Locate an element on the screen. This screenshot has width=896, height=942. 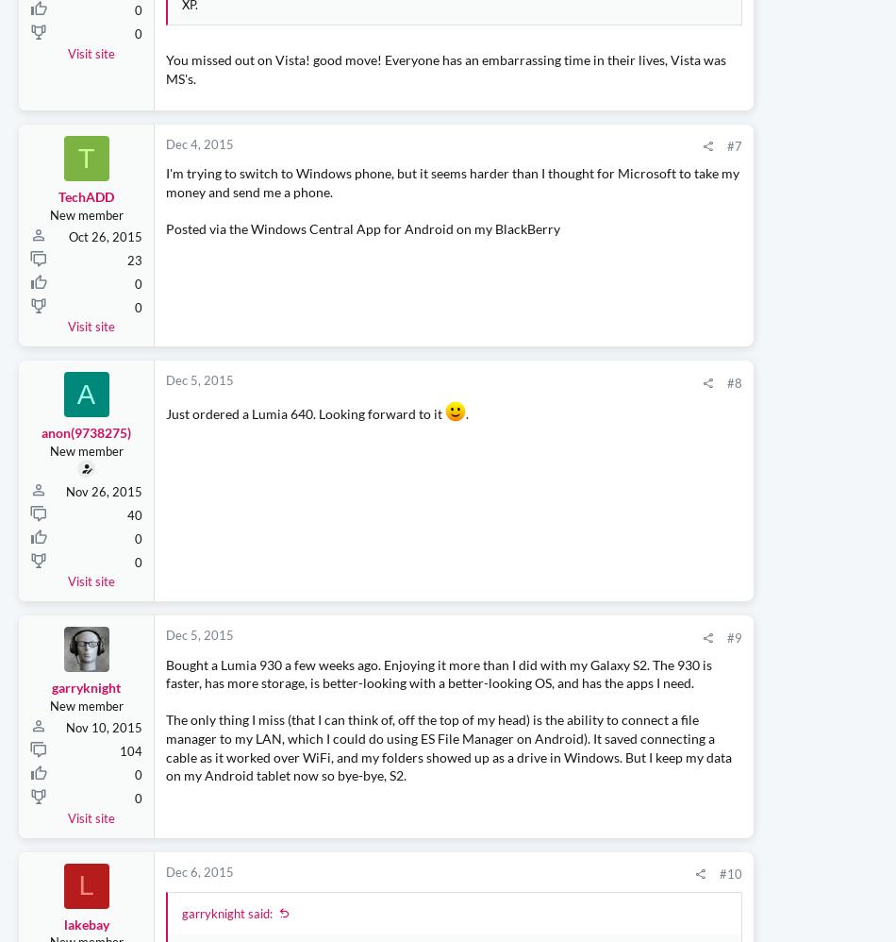
'Just ordered a Lumia 640. Looking forward to it' is located at coordinates (166, 541).